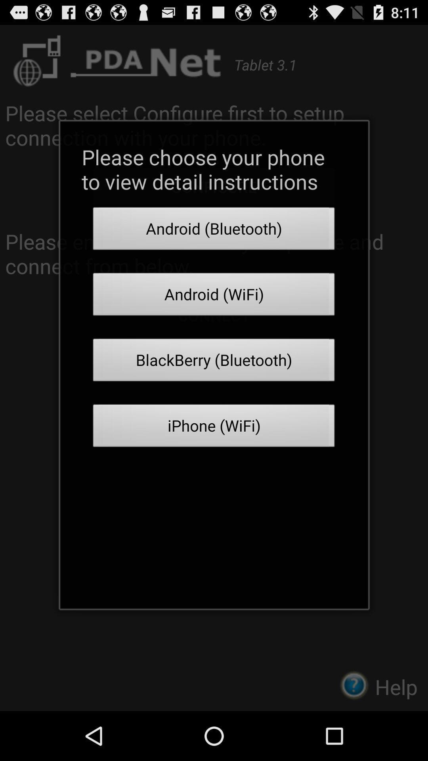  What do you see at coordinates (214, 230) in the screenshot?
I see `the android (bluetooth)` at bounding box center [214, 230].